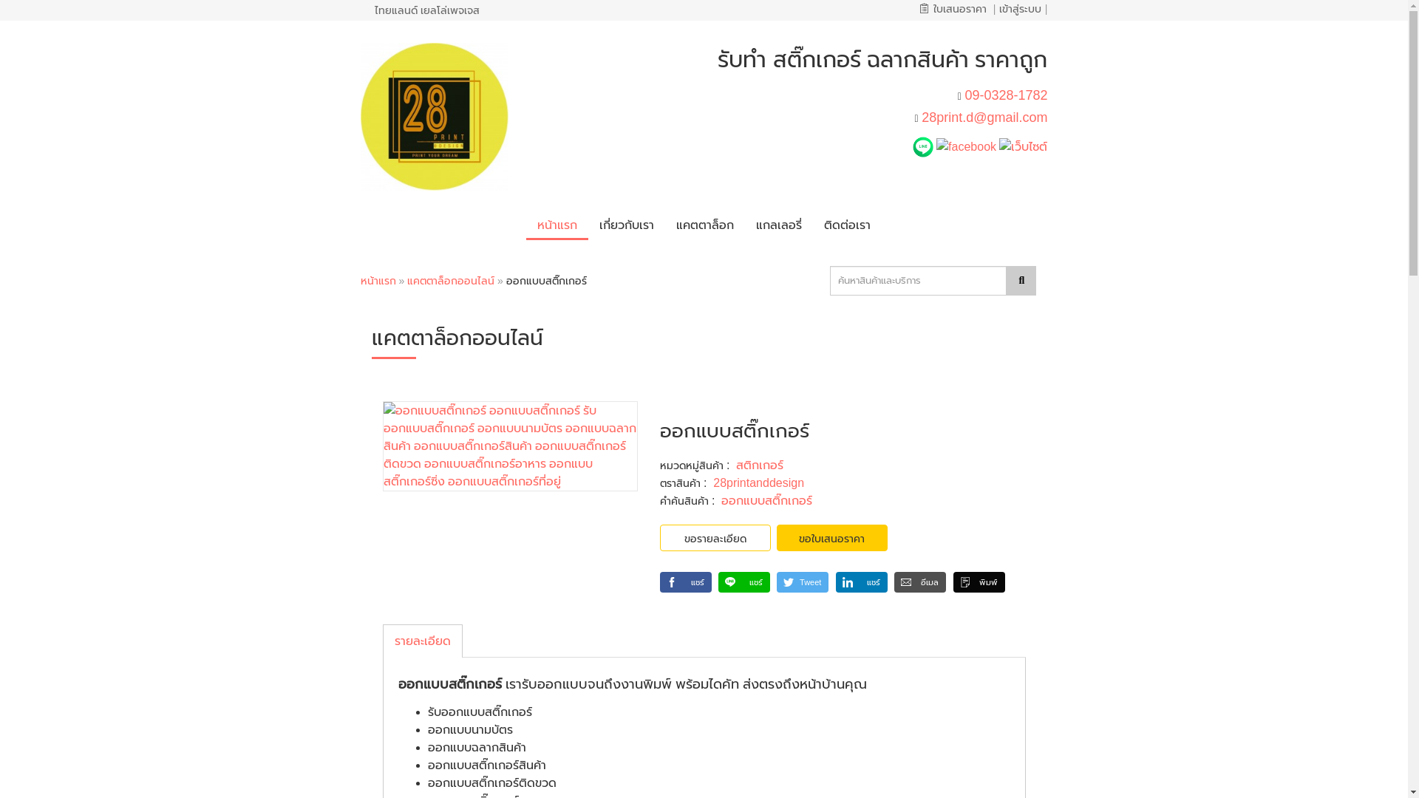 Image resolution: width=1419 pixels, height=798 pixels. Describe the element at coordinates (966, 146) in the screenshot. I see `'facebook'` at that location.